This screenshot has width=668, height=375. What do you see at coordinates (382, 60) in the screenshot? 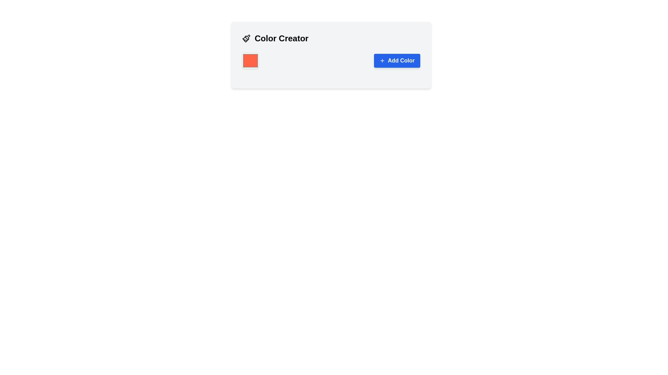
I see `the small '+' icon located in the 'Add Color' button, which is positioned before the text within the button layout` at bounding box center [382, 60].